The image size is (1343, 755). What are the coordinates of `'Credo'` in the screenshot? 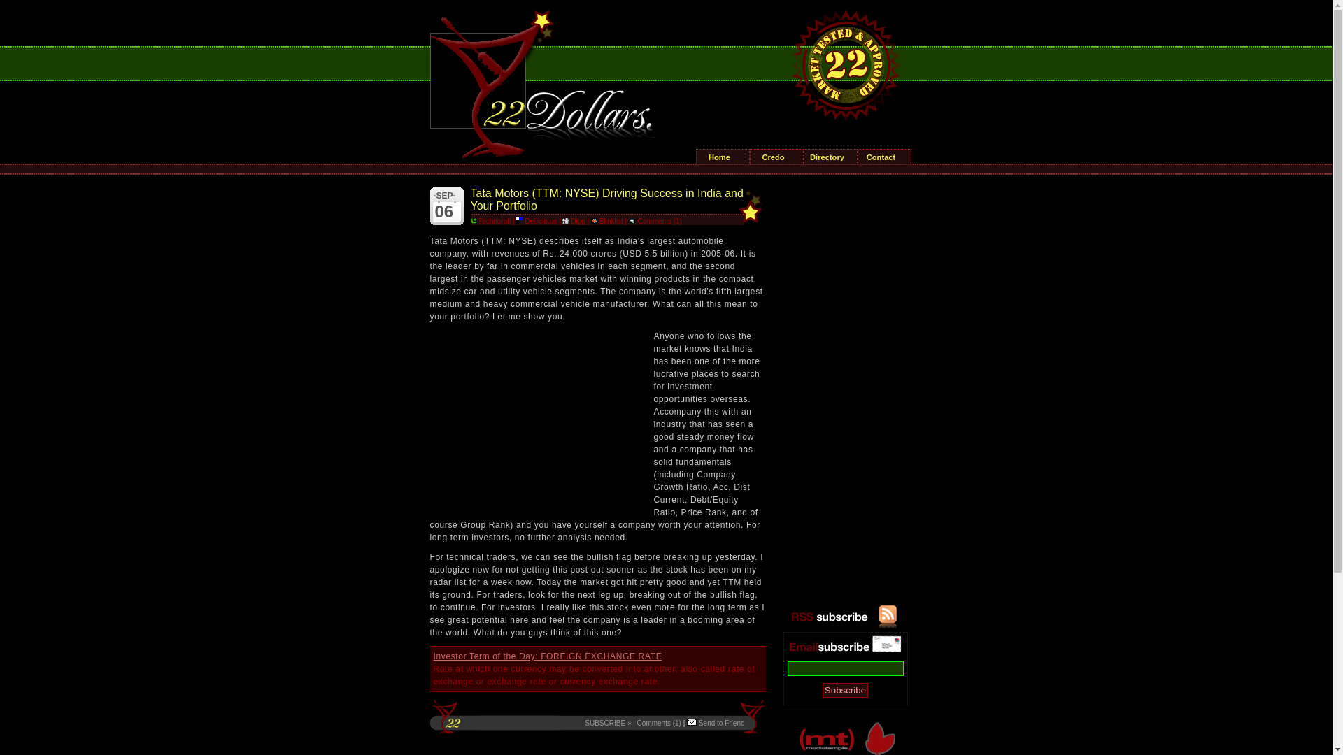 It's located at (748, 157).